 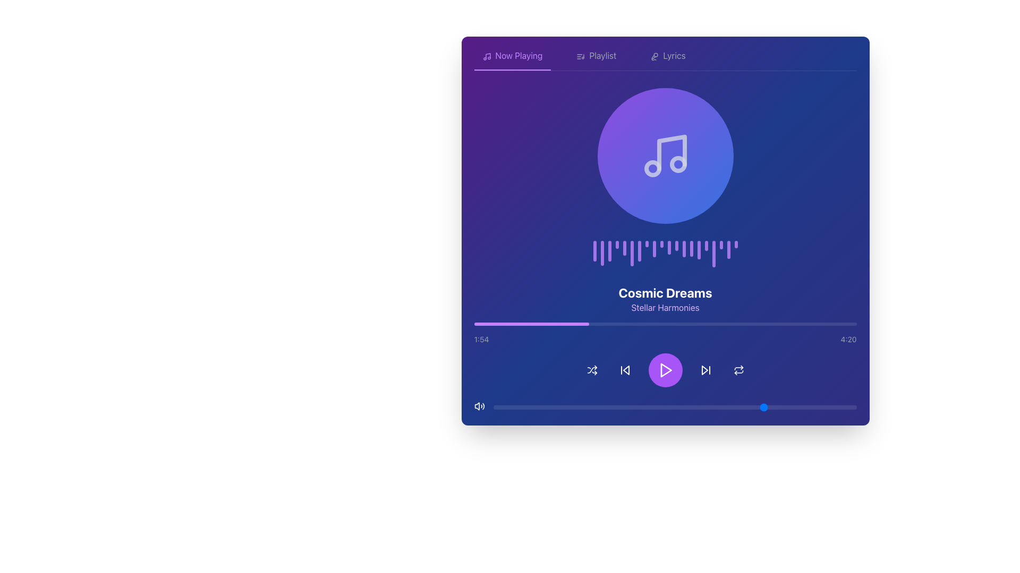 What do you see at coordinates (704, 406) in the screenshot?
I see `the slider` at bounding box center [704, 406].